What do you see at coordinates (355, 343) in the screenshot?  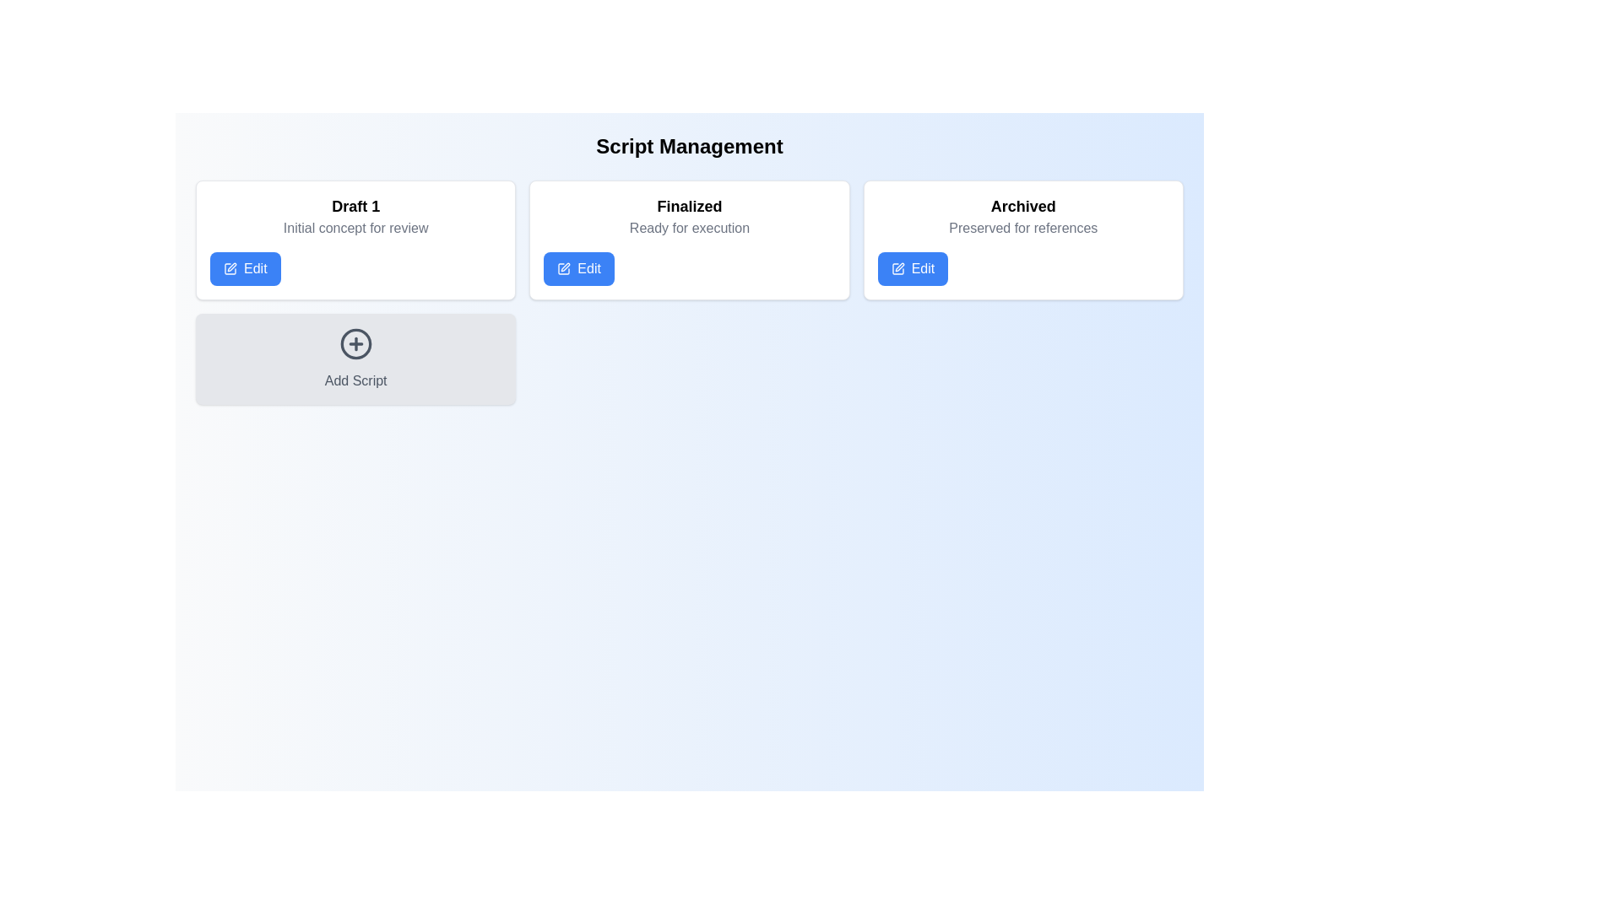 I see `the circular '+' icon located at the center of the 'Add Script' button` at bounding box center [355, 343].